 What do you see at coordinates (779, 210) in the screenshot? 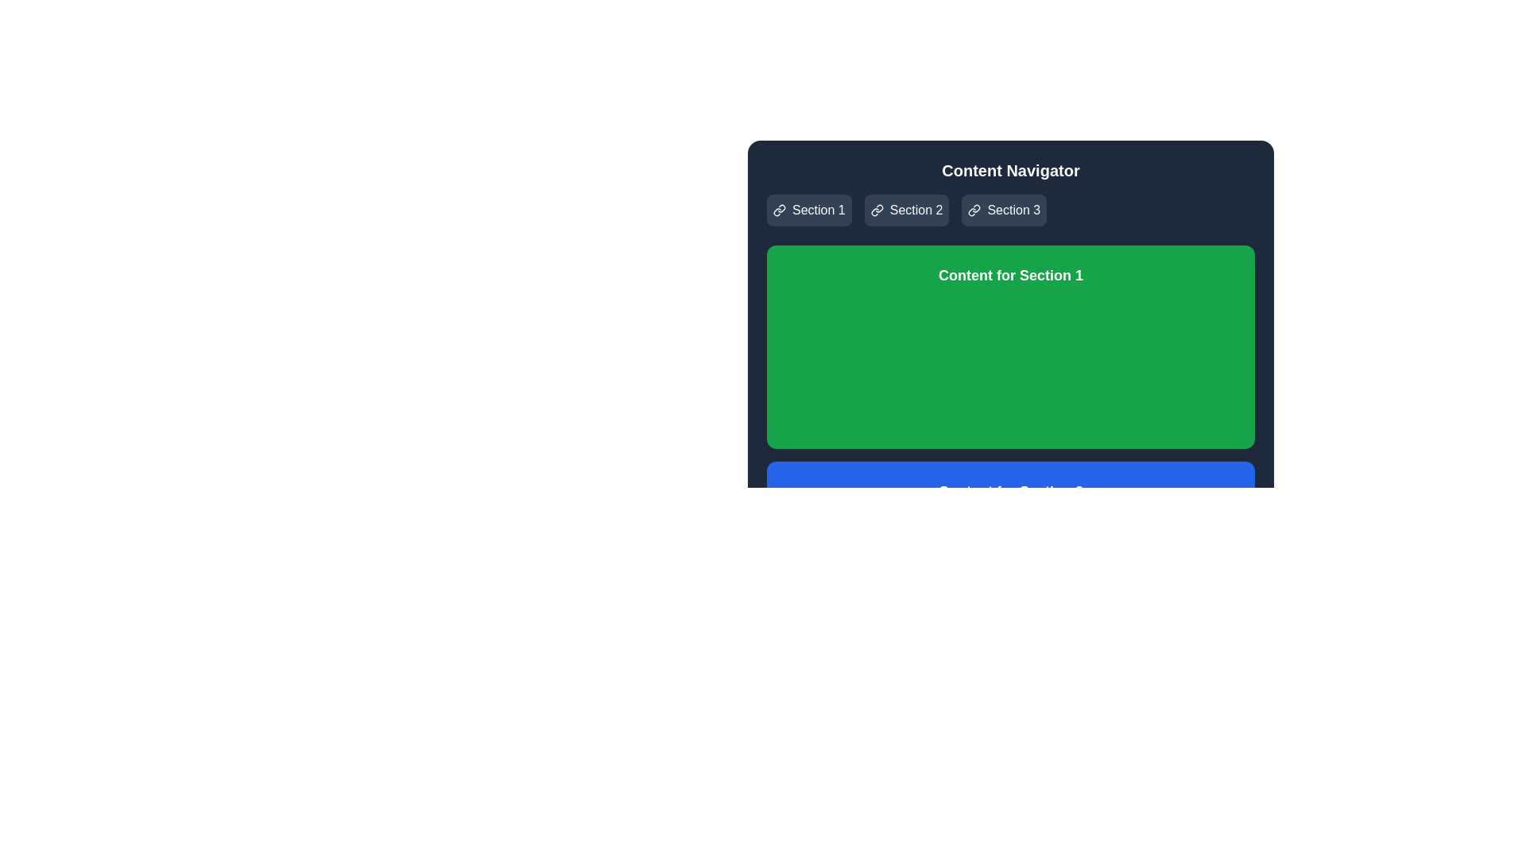
I see `the small black link icon located to the left of the text 'Section 1' within the first button of the 'Content Navigator'` at bounding box center [779, 210].